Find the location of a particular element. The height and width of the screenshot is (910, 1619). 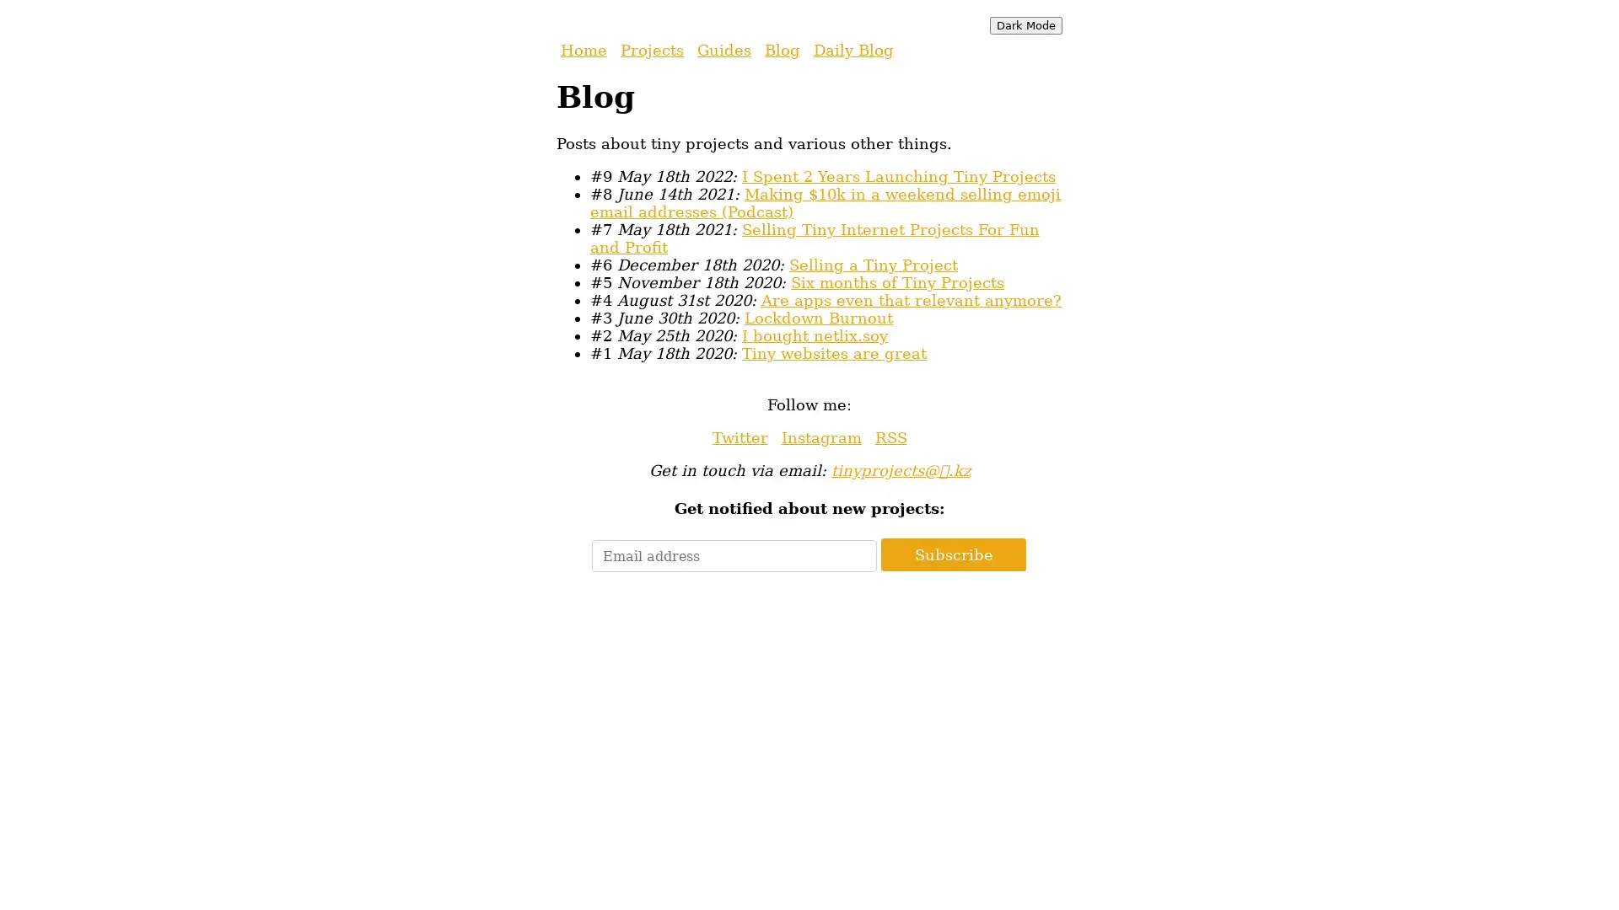

Dark Mode is located at coordinates (1025, 25).